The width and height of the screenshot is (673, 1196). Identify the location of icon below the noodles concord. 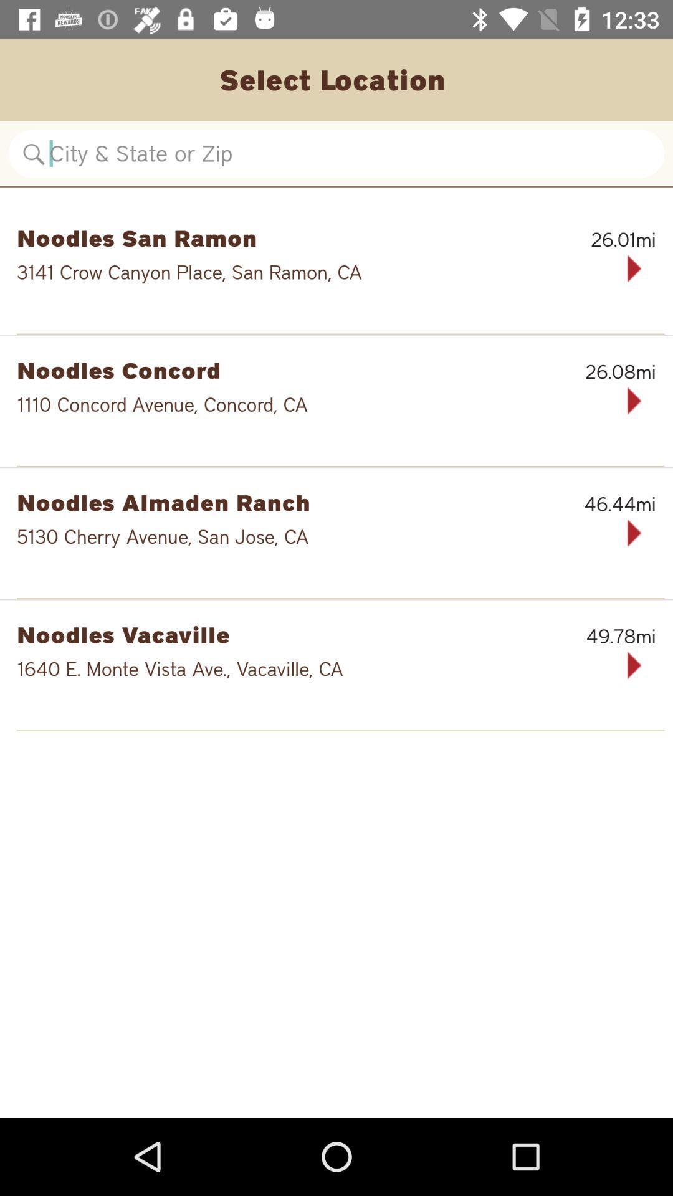
(297, 404).